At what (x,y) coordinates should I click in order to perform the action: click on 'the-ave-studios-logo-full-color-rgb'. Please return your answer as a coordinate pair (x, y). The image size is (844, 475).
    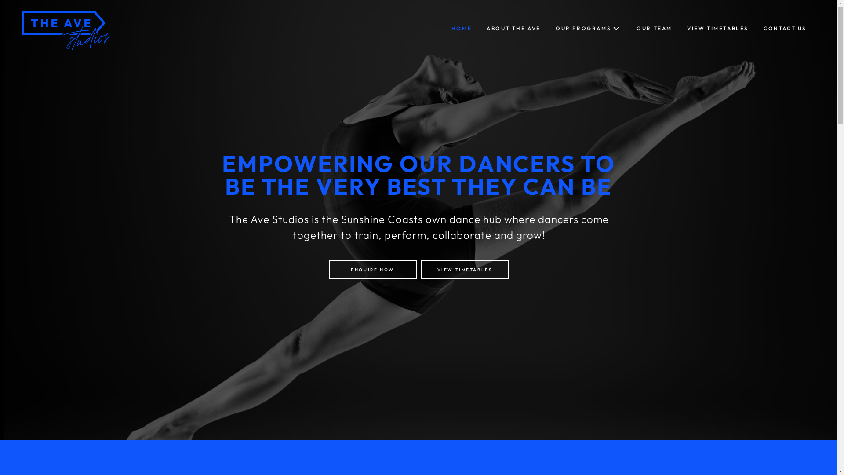
    Looking at the image, I should click on (65, 30).